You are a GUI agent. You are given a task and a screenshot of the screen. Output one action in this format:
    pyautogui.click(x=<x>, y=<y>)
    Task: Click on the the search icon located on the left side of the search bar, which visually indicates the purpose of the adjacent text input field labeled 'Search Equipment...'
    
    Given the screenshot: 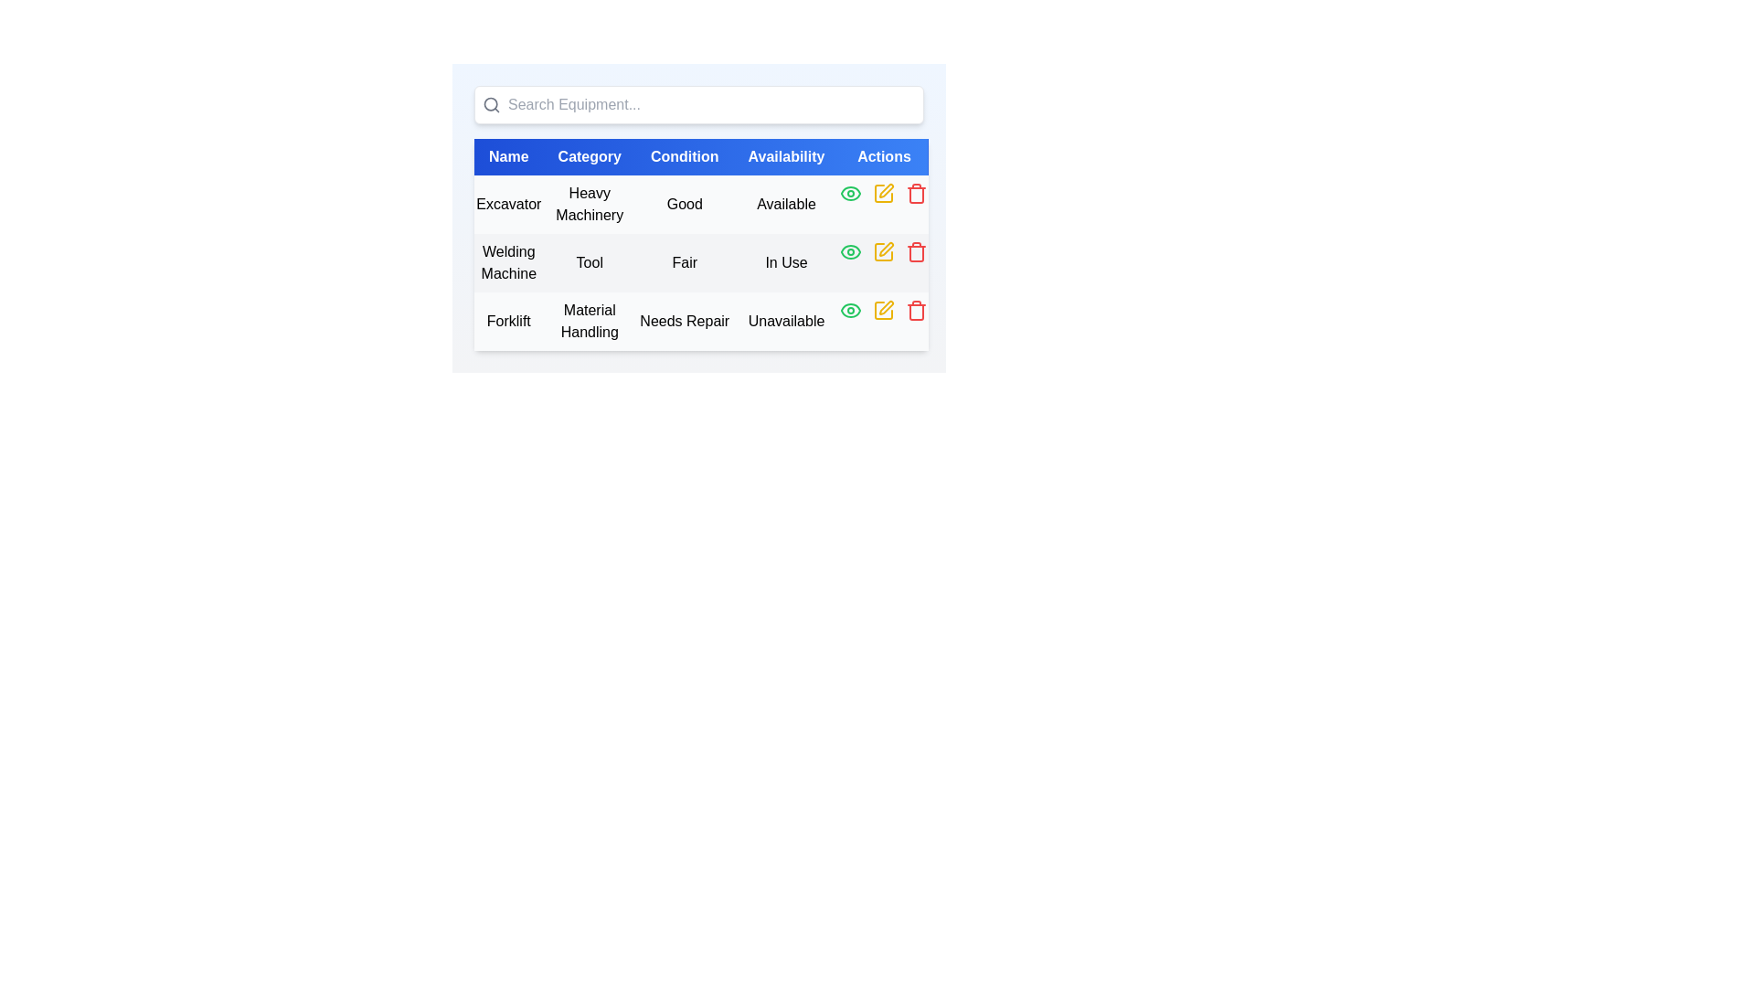 What is the action you would take?
    pyautogui.click(x=491, y=105)
    